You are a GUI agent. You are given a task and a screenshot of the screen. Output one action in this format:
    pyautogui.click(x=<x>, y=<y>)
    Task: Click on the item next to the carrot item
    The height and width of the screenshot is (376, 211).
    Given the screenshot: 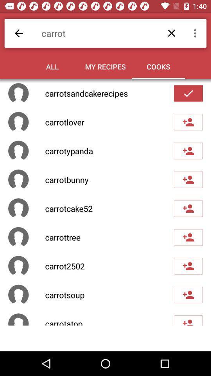 What is the action you would take?
    pyautogui.click(x=196, y=33)
    